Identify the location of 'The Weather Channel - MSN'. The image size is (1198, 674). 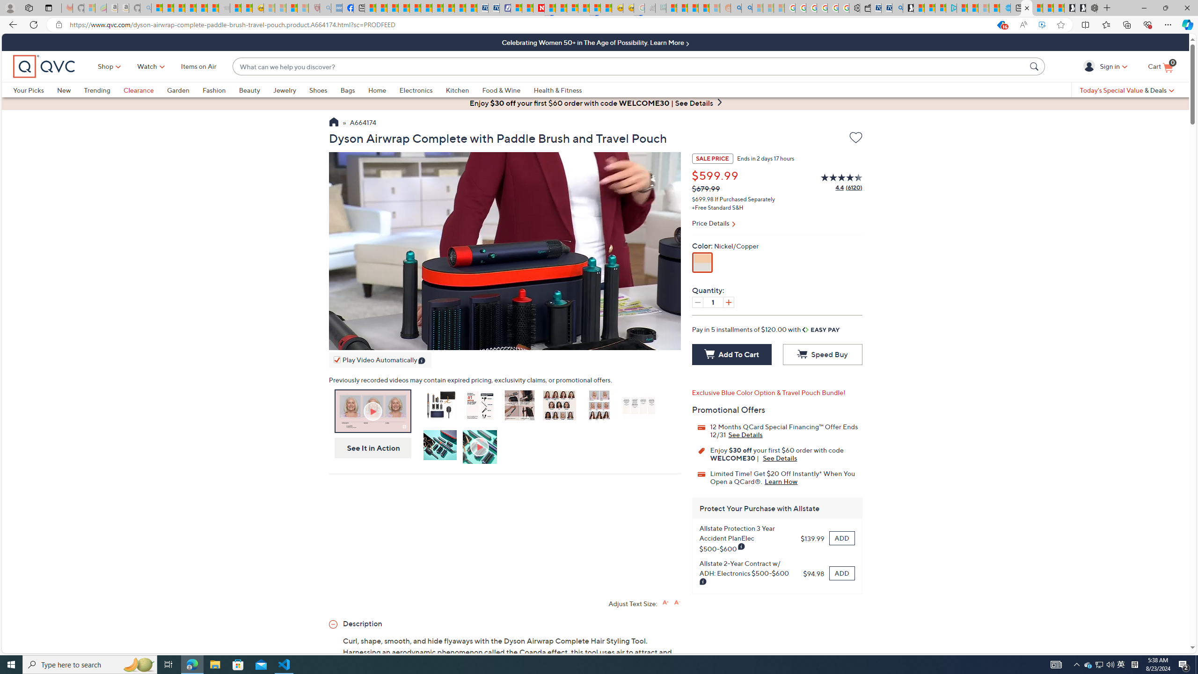
(179, 7).